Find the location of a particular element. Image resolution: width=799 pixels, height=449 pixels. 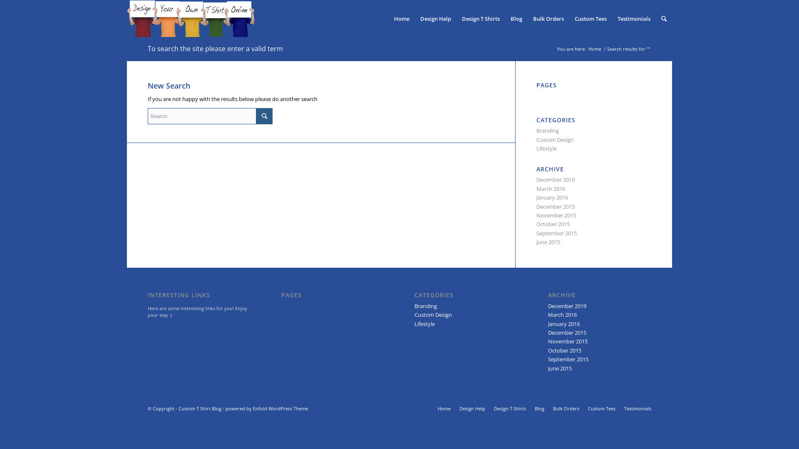

'Design Help' is located at coordinates (415, 19).